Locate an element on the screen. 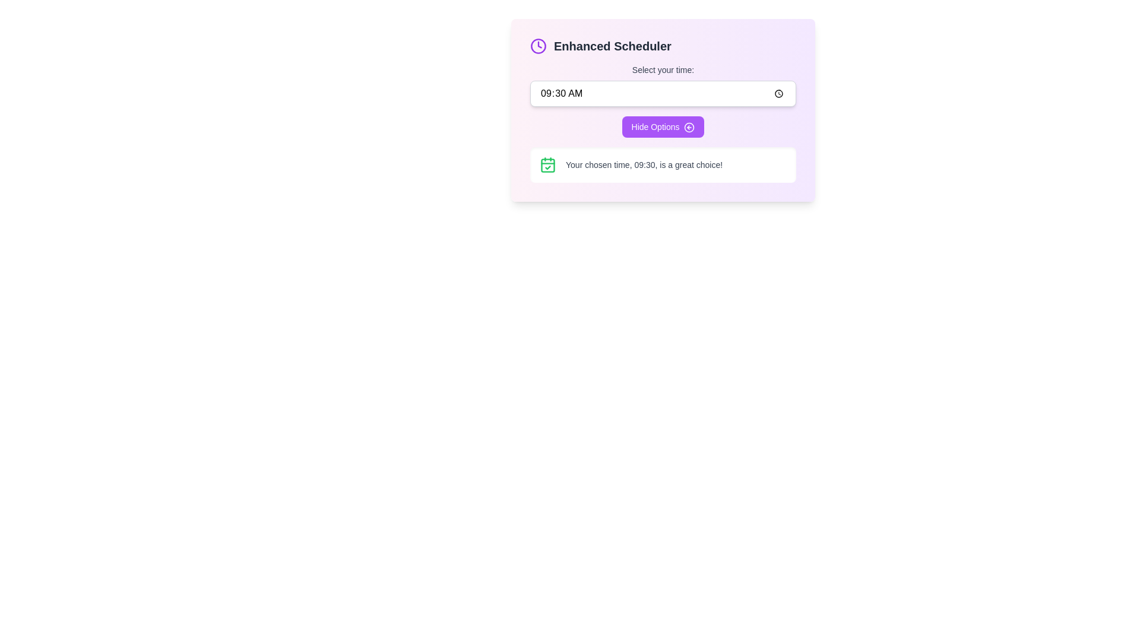 This screenshot has height=641, width=1140. the interactive time input field of the Time selection component located below the 'Enhanced Scheduler' header and above the 'Hide Options' button is located at coordinates (663, 84).